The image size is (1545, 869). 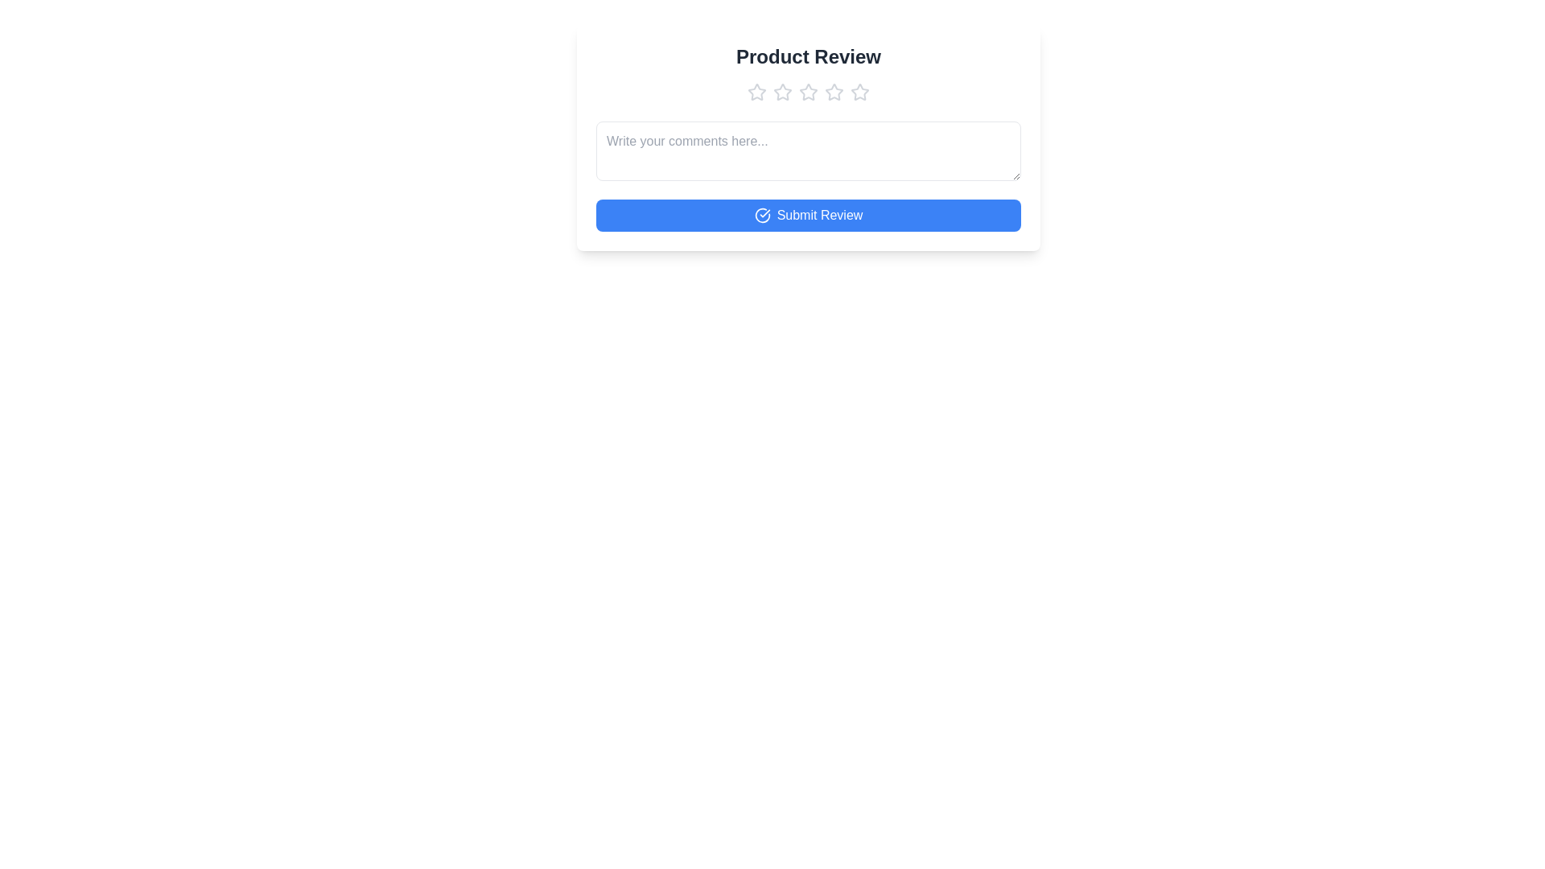 I want to click on the star corresponding to the desired rating 2, so click(x=783, y=93).